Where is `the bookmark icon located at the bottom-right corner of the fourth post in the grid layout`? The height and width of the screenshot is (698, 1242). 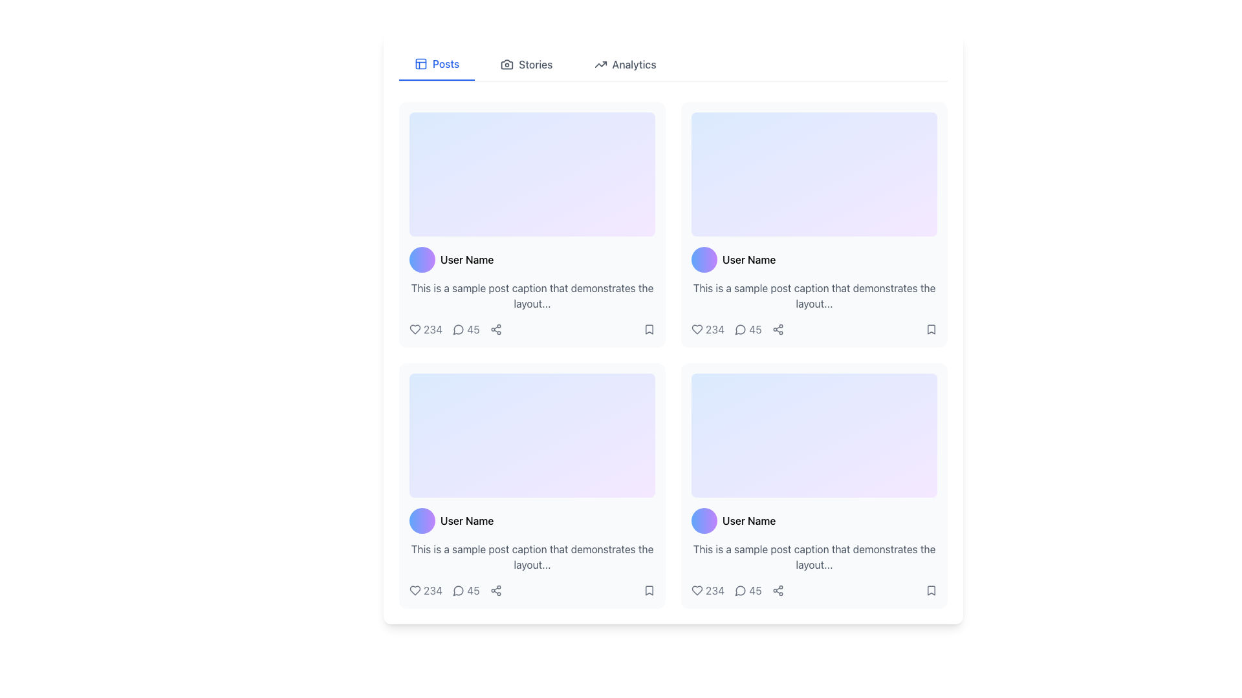
the bookmark icon located at the bottom-right corner of the fourth post in the grid layout is located at coordinates (931, 591).